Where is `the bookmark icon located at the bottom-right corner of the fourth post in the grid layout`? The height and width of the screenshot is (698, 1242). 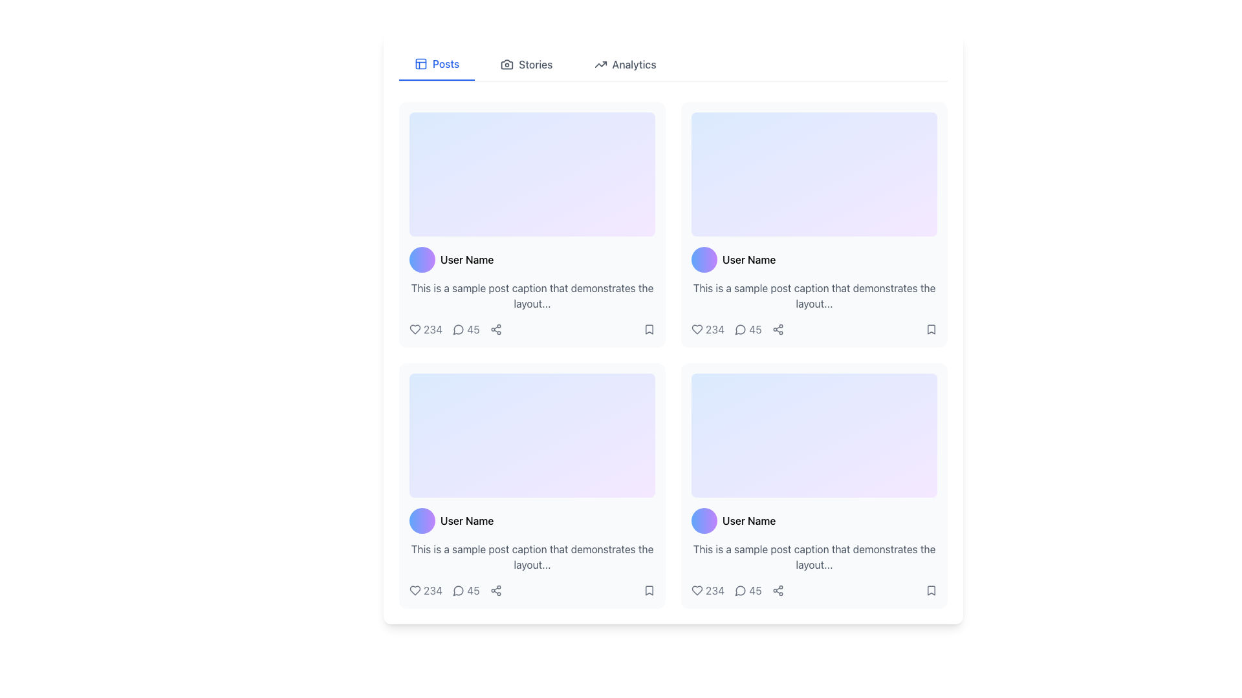
the bookmark icon located at the bottom-right corner of the fourth post in the grid layout is located at coordinates (931, 591).